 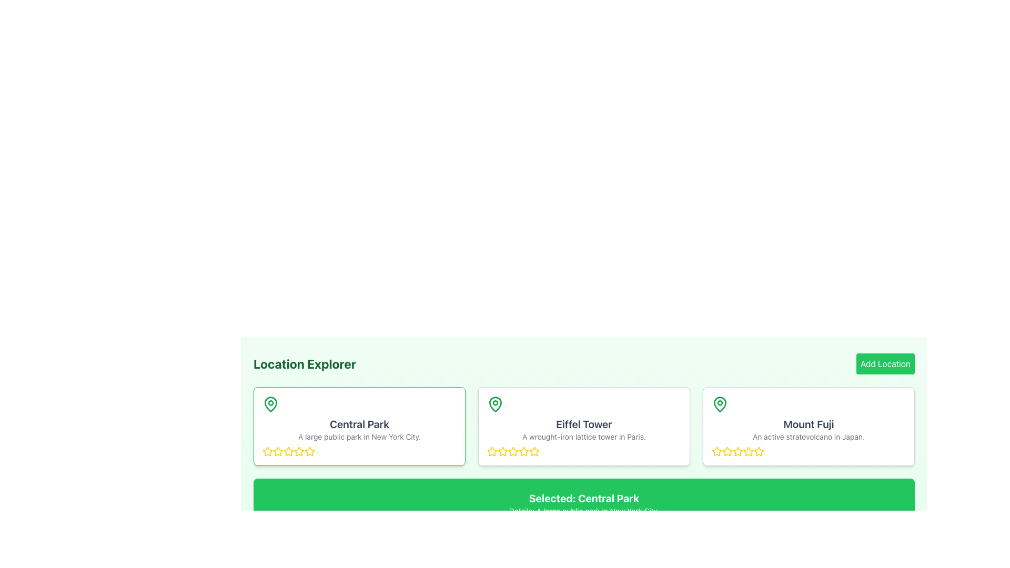 I want to click on the third star rating icon, so click(x=747, y=450).